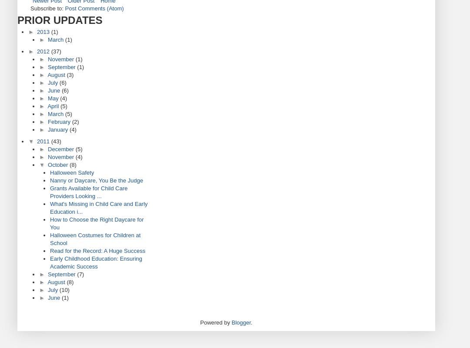  Describe the element at coordinates (44, 141) in the screenshot. I see `'2011'` at that location.